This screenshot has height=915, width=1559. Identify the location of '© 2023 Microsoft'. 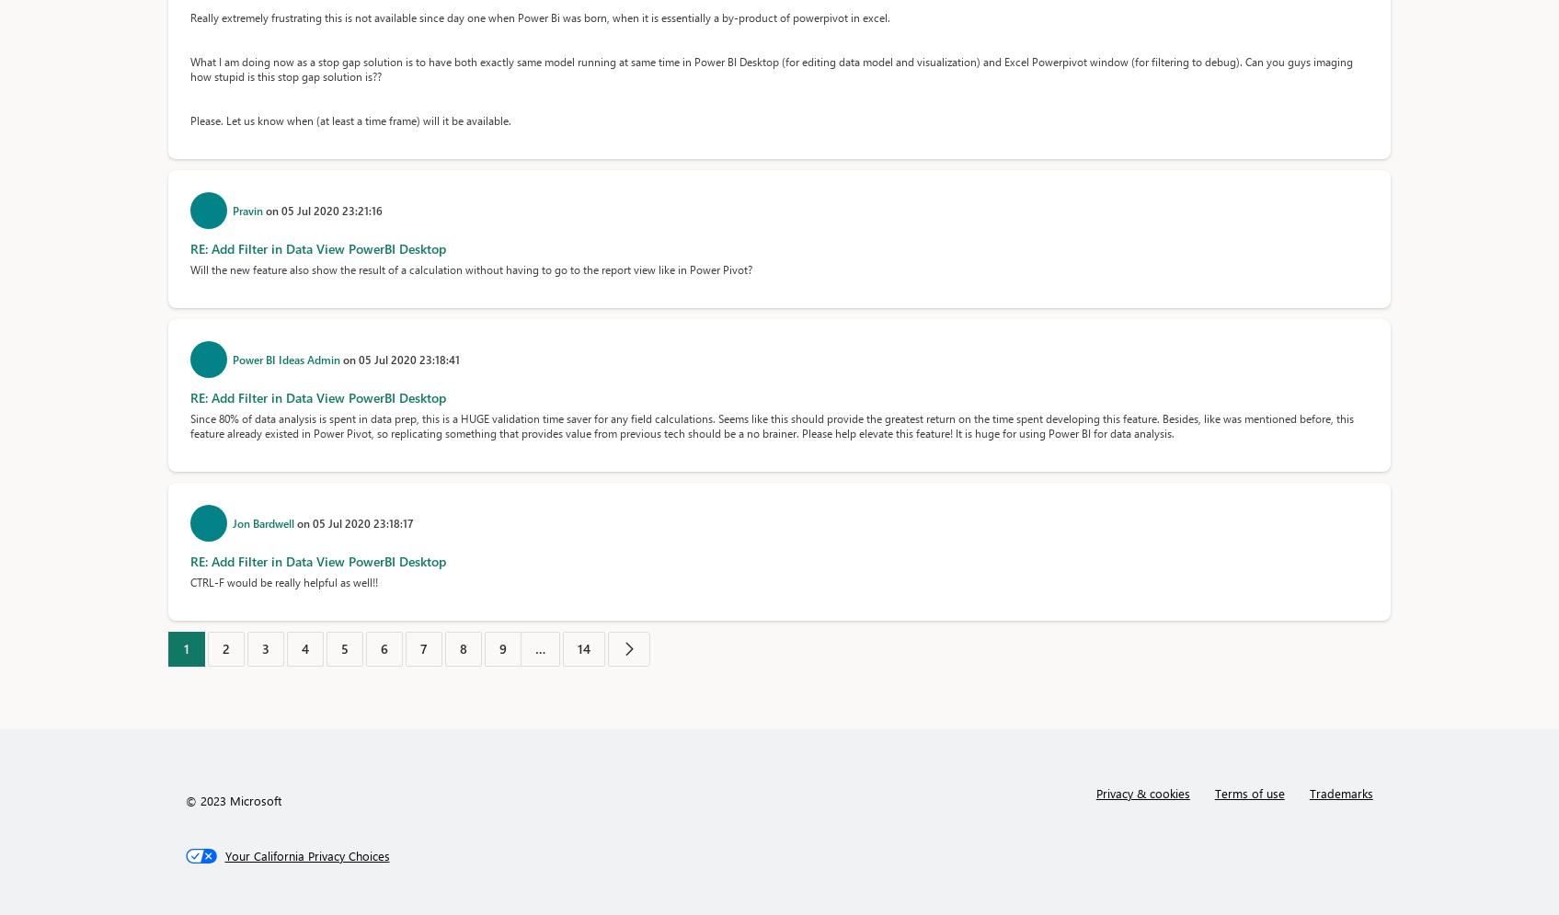
(233, 800).